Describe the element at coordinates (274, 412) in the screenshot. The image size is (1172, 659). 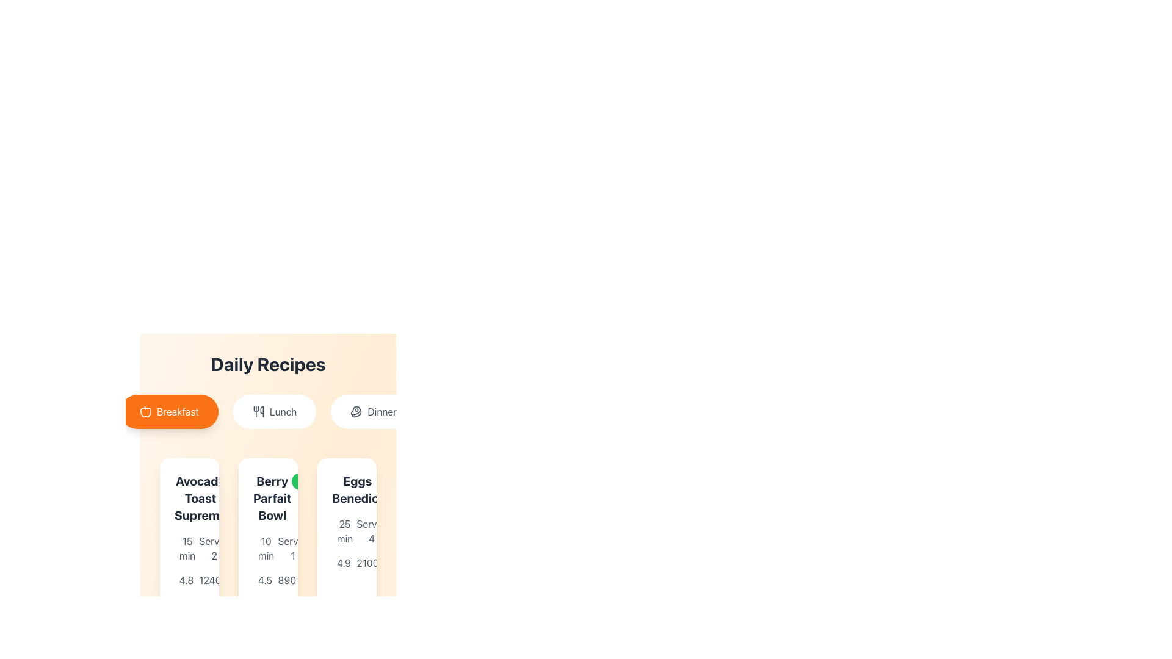
I see `the 'Lunch' button, which is a horizontally aligned button with a light background and gray text, located` at that location.